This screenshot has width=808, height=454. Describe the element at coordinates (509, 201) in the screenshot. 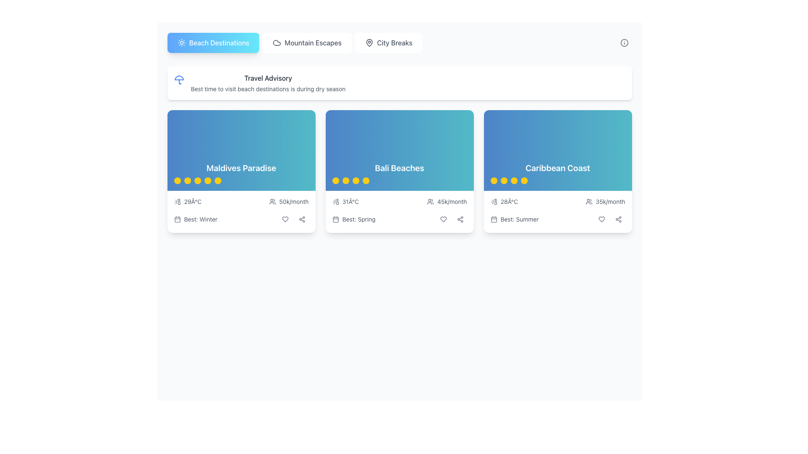

I see `the Text Label displaying '28Â°C' in a small-sized gray font, located to the left of the temperature icon in the 'Caribbean Coast' card` at that location.